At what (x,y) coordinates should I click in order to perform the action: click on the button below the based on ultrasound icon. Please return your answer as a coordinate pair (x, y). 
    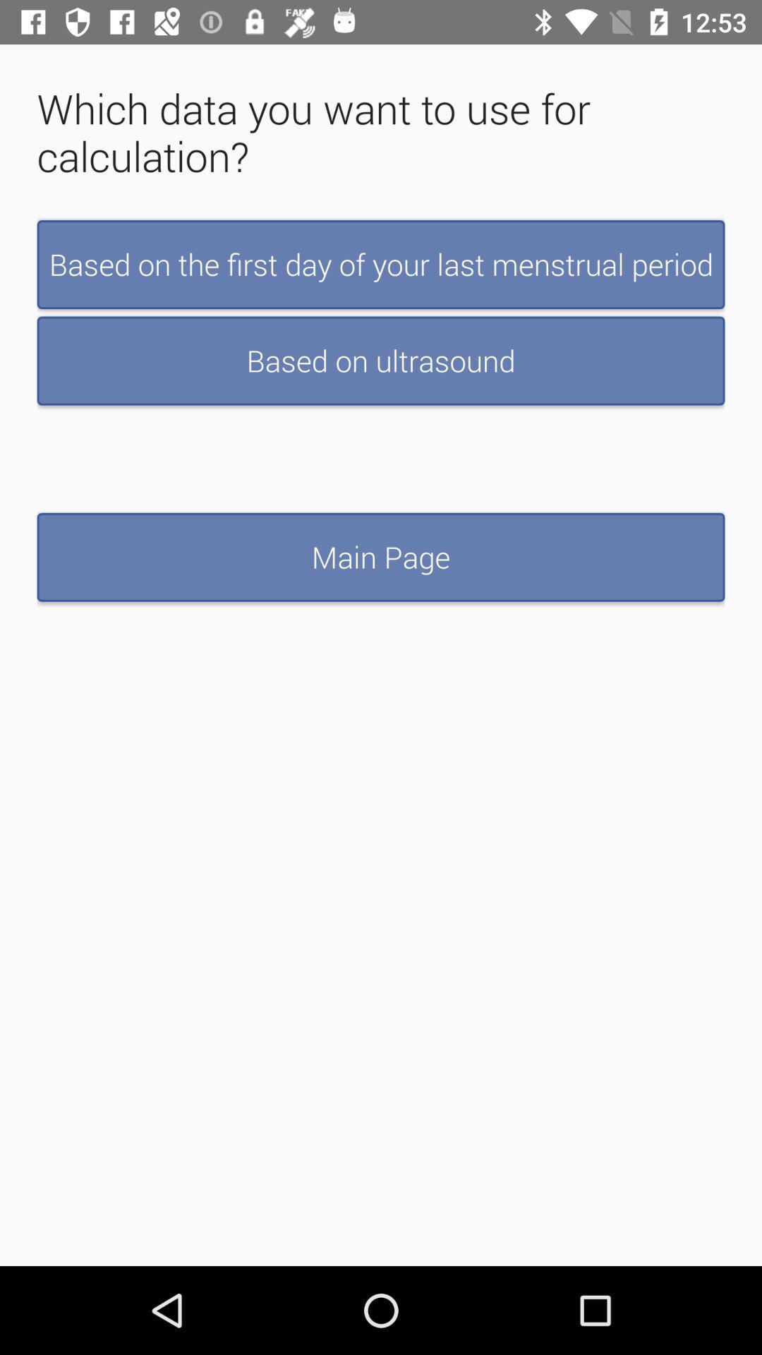
    Looking at the image, I should click on (381, 556).